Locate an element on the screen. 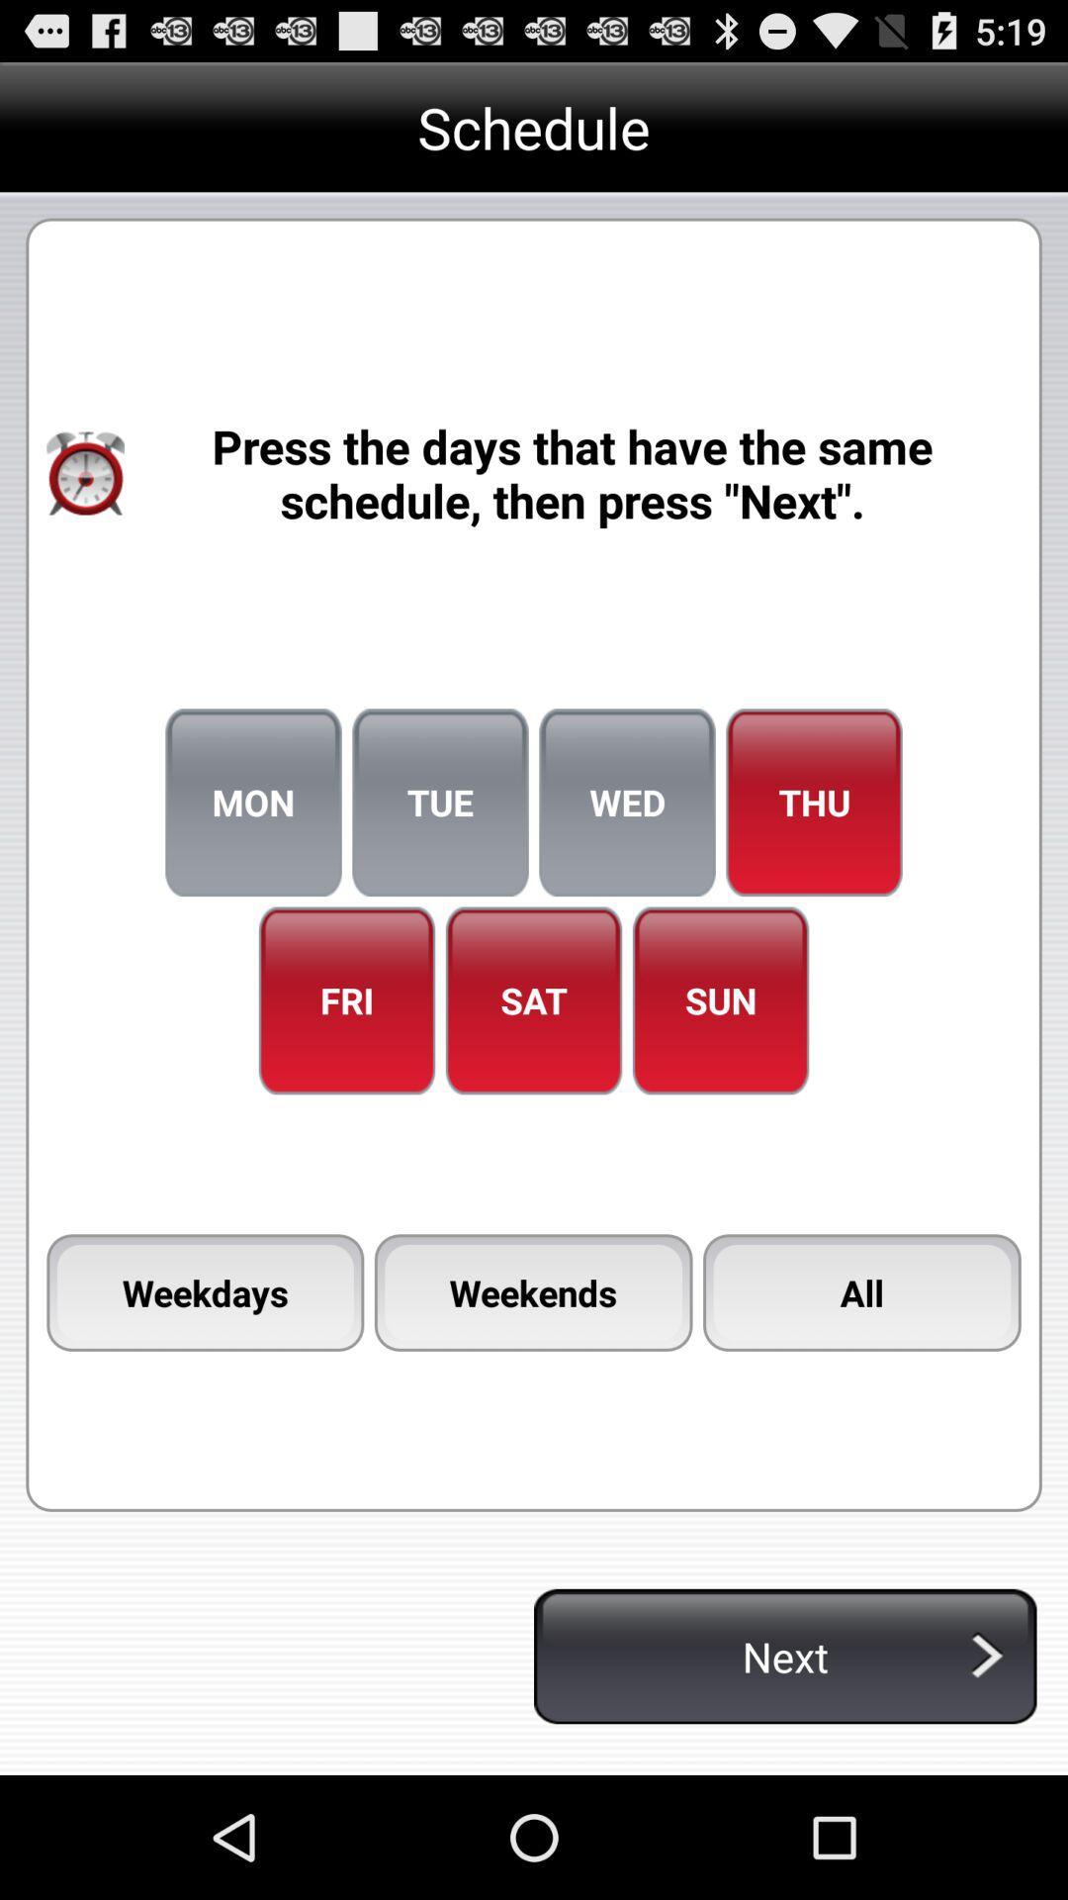 The width and height of the screenshot is (1068, 1900). the item to the left of sat is located at coordinates (346, 1000).